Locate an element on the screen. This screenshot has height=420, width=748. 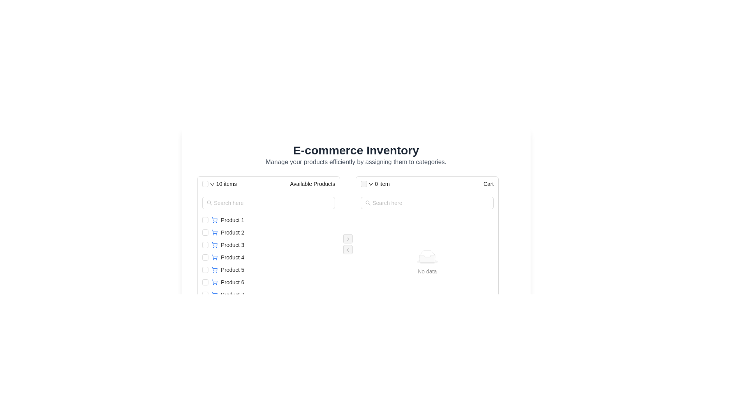
the top transfer button (right-pointing chevron) to transfer items to the right is located at coordinates (348, 244).